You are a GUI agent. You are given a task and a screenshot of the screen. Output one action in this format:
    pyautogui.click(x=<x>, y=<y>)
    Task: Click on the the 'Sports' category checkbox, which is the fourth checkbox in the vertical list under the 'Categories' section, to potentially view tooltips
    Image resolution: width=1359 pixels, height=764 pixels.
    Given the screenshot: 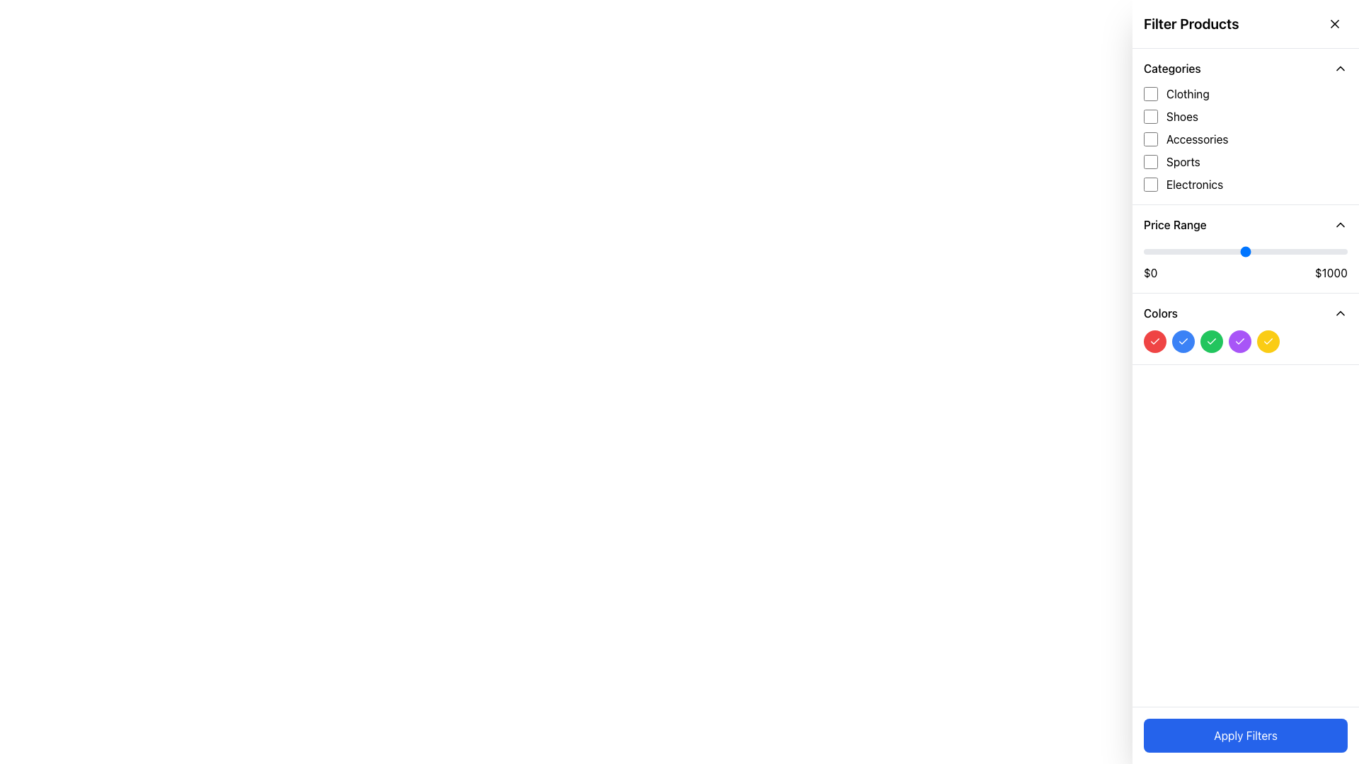 What is the action you would take?
    pyautogui.click(x=1151, y=161)
    